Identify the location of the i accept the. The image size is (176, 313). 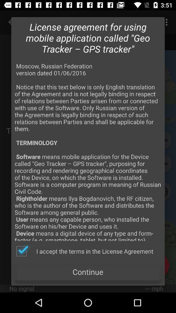
(84, 251).